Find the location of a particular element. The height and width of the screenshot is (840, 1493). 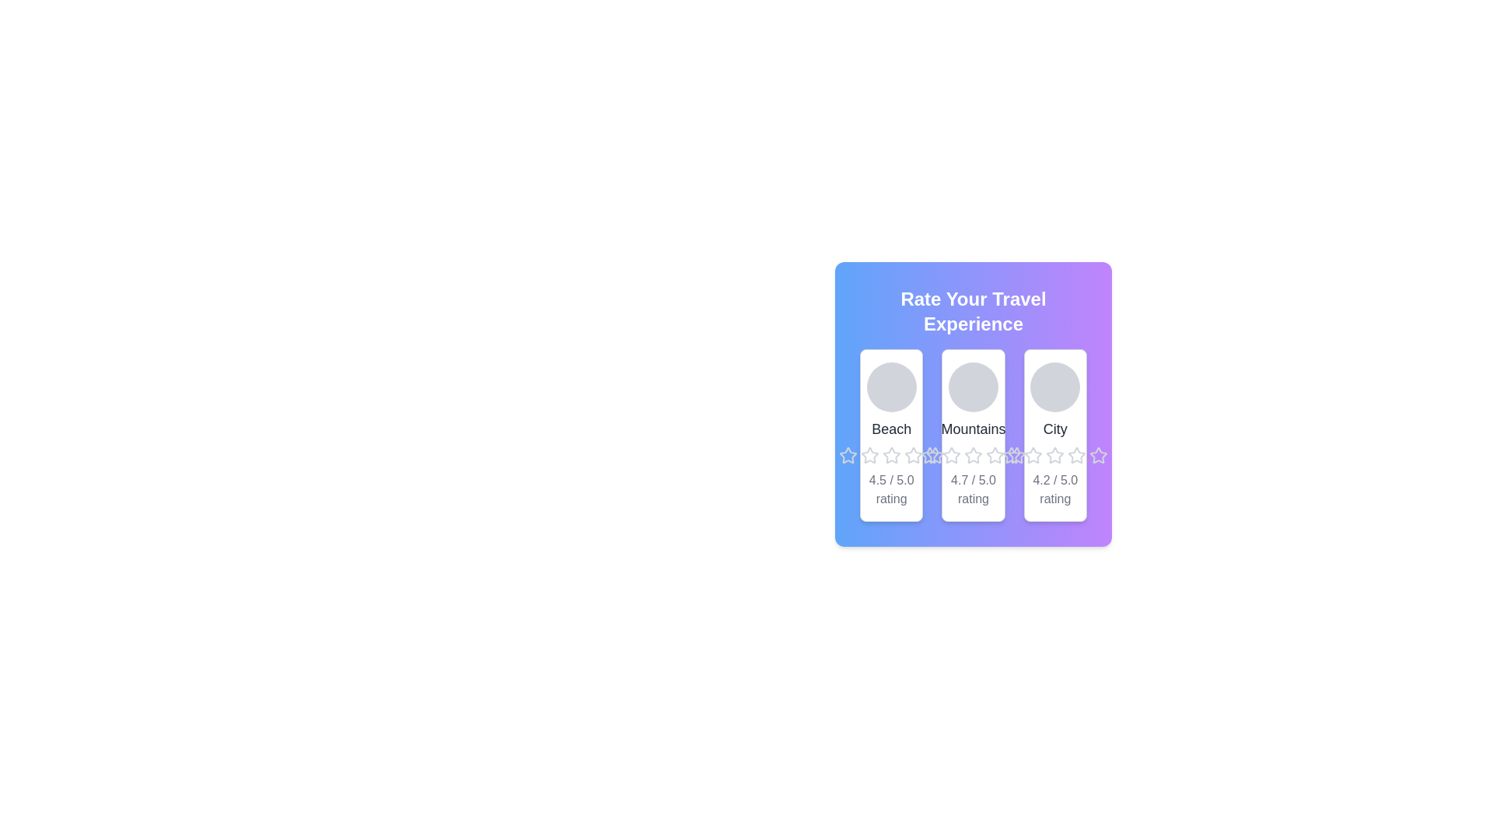

the rating score text for the 'Beach' experience, which is located at the bottom of the 'Beach' card in the 'Rate Your Travel Experience' section, centered directly below the stars is located at coordinates (891, 488).